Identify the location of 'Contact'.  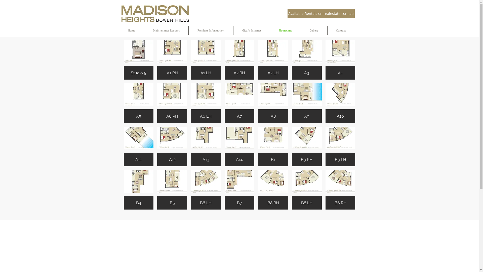
(341, 30).